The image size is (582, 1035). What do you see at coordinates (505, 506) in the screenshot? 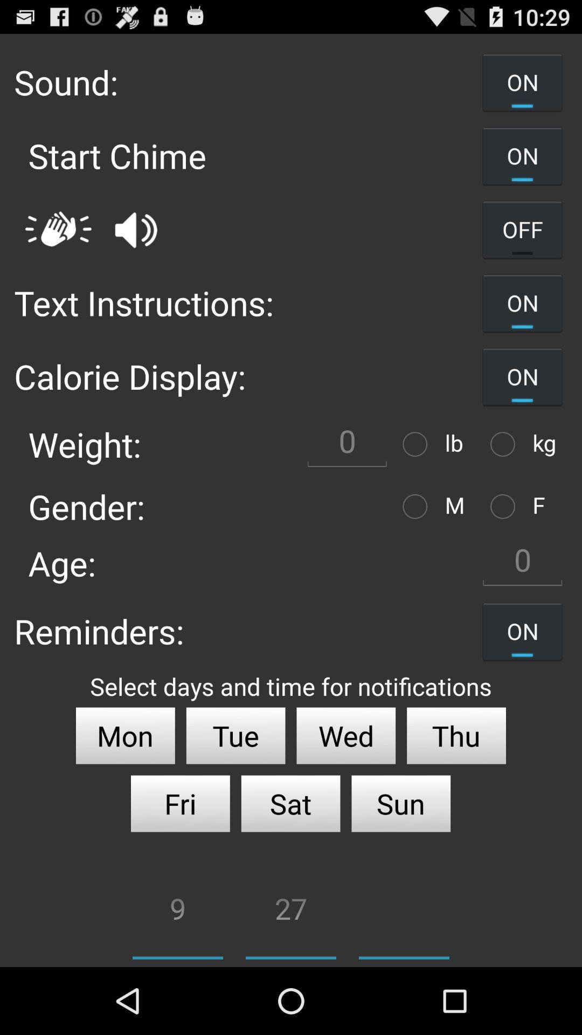
I see `clicks female` at bounding box center [505, 506].